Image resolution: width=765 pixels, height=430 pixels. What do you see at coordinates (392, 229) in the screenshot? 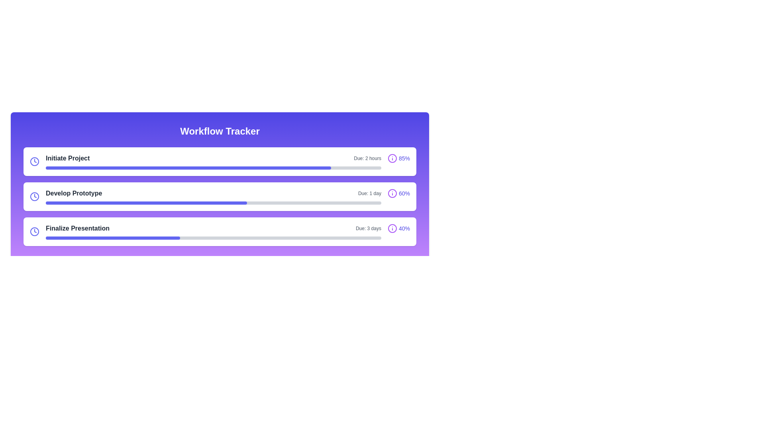
I see `the vibrant purple circular icon with an outlined border and a centered dot, located in the 'Finalize Presentation' row next to the '40%' progress text` at bounding box center [392, 229].